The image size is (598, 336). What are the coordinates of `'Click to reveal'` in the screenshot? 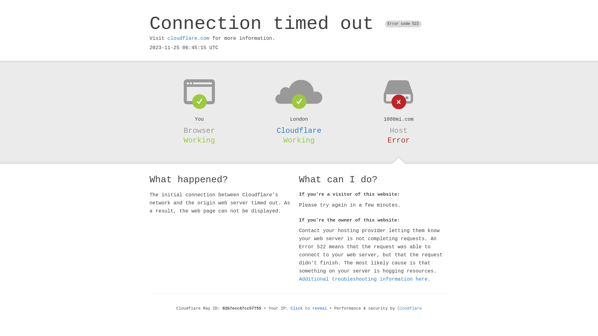 It's located at (309, 308).